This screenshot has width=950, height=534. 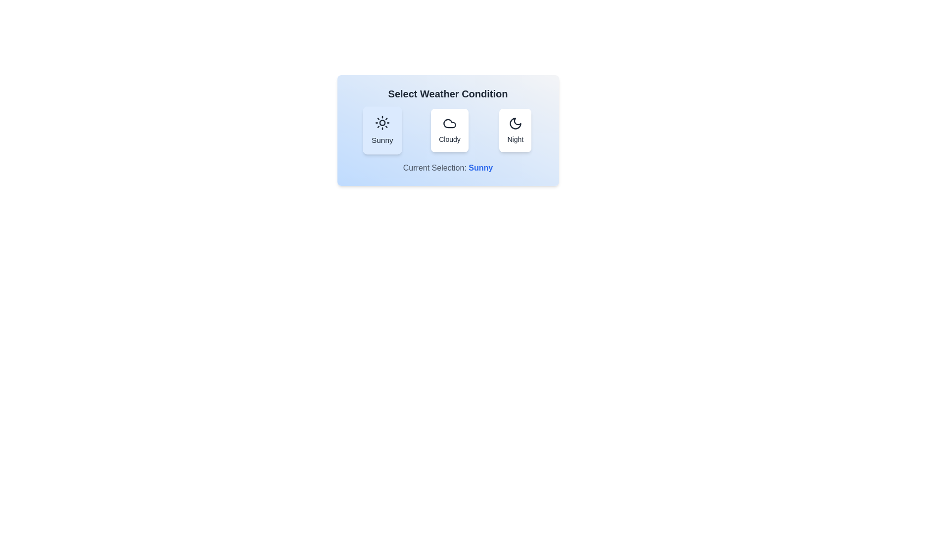 I want to click on the weather condition by clicking on the respective icon: Sunny, so click(x=381, y=130).